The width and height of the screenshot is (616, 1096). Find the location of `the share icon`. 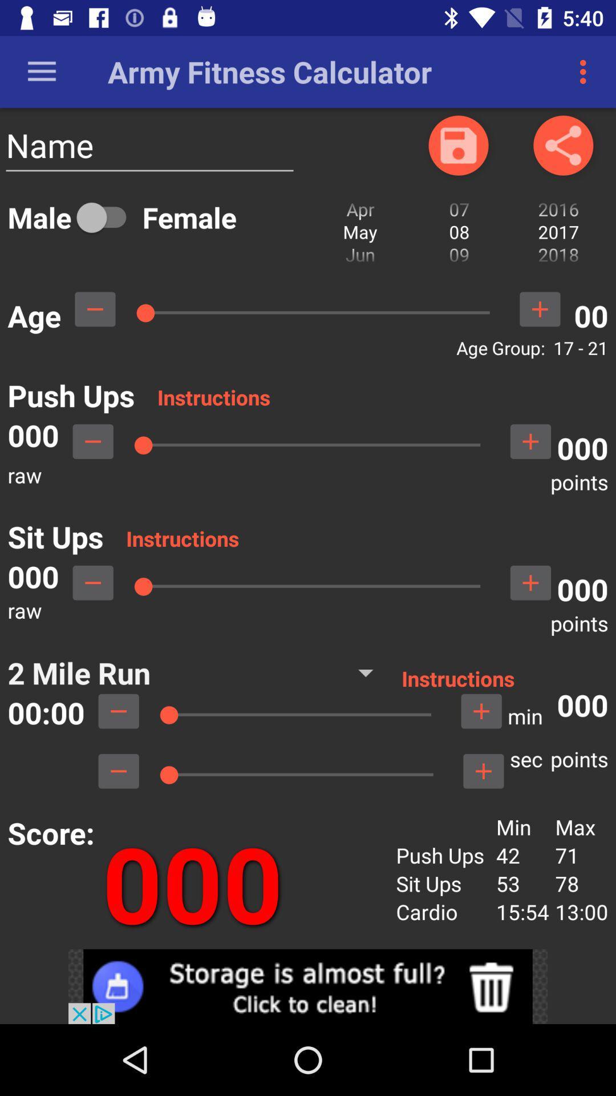

the share icon is located at coordinates (562, 144).